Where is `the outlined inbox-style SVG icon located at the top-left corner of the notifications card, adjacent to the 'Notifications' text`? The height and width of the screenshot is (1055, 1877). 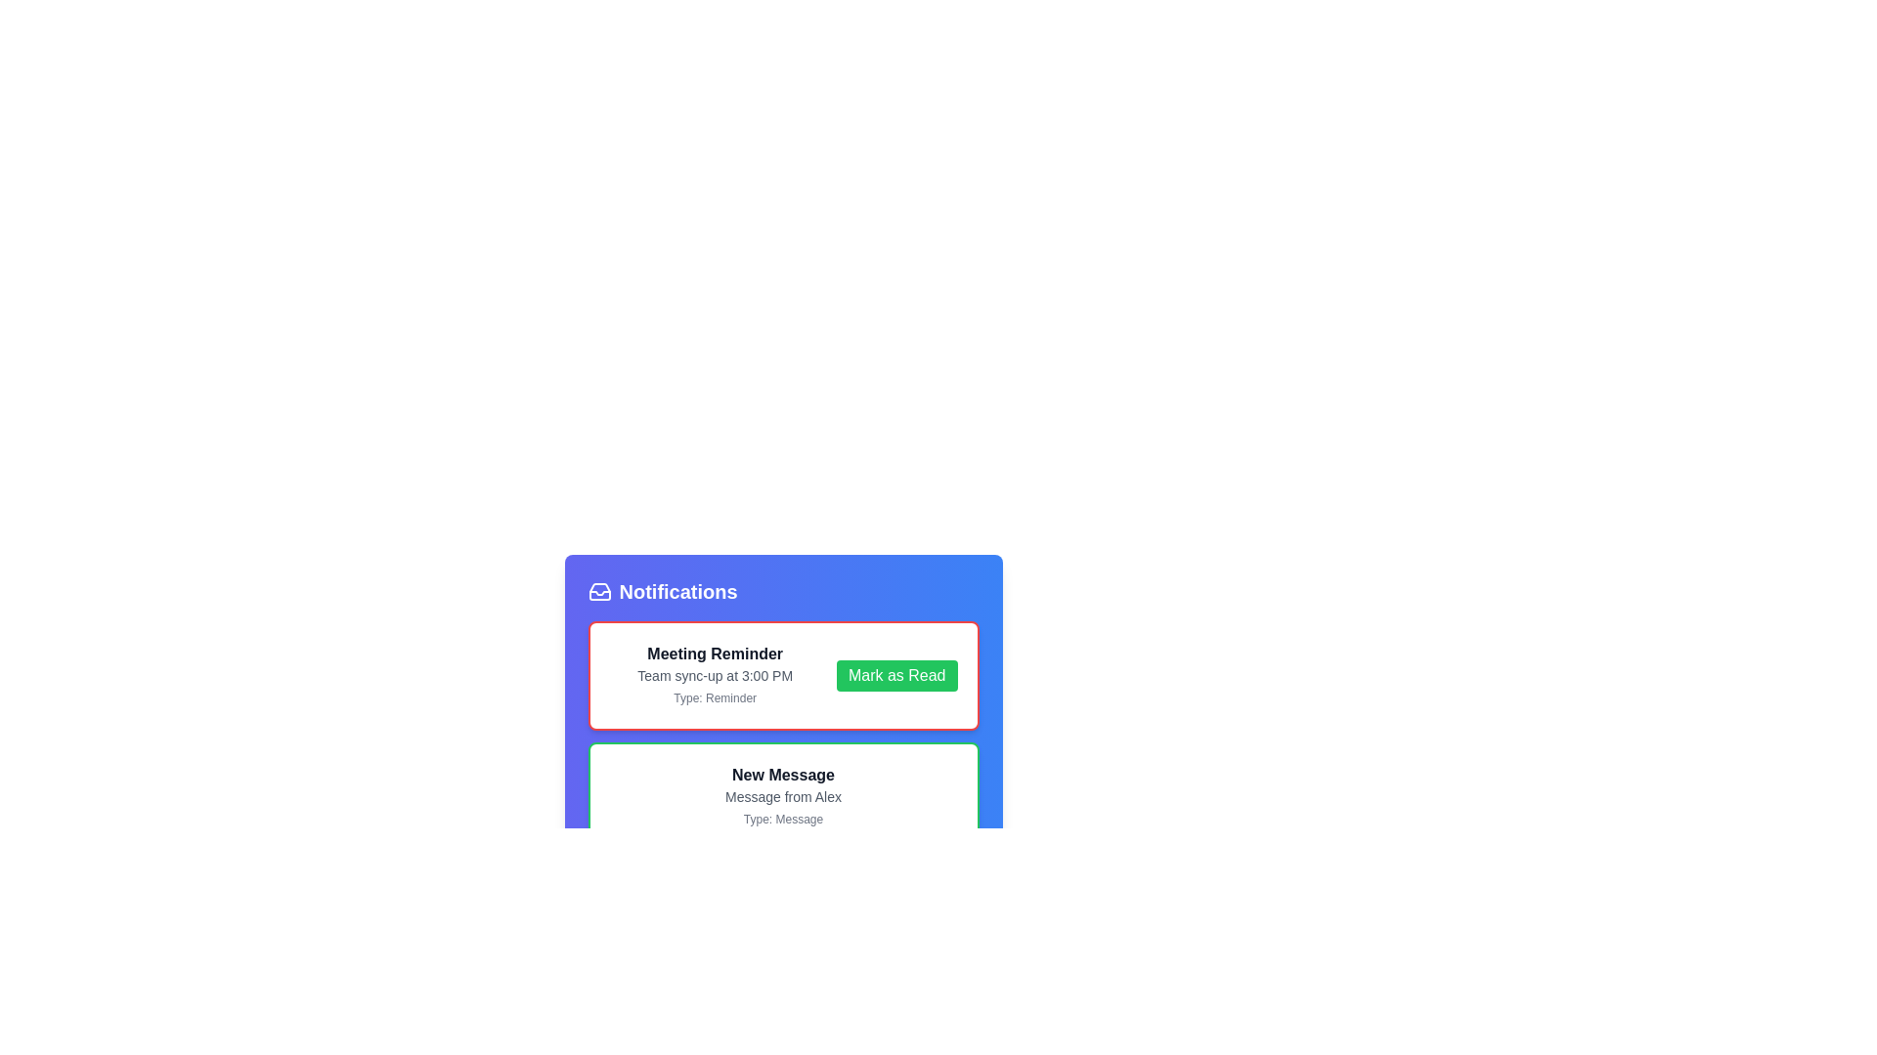
the outlined inbox-style SVG icon located at the top-left corner of the notifications card, adjacent to the 'Notifications' text is located at coordinates (598, 590).